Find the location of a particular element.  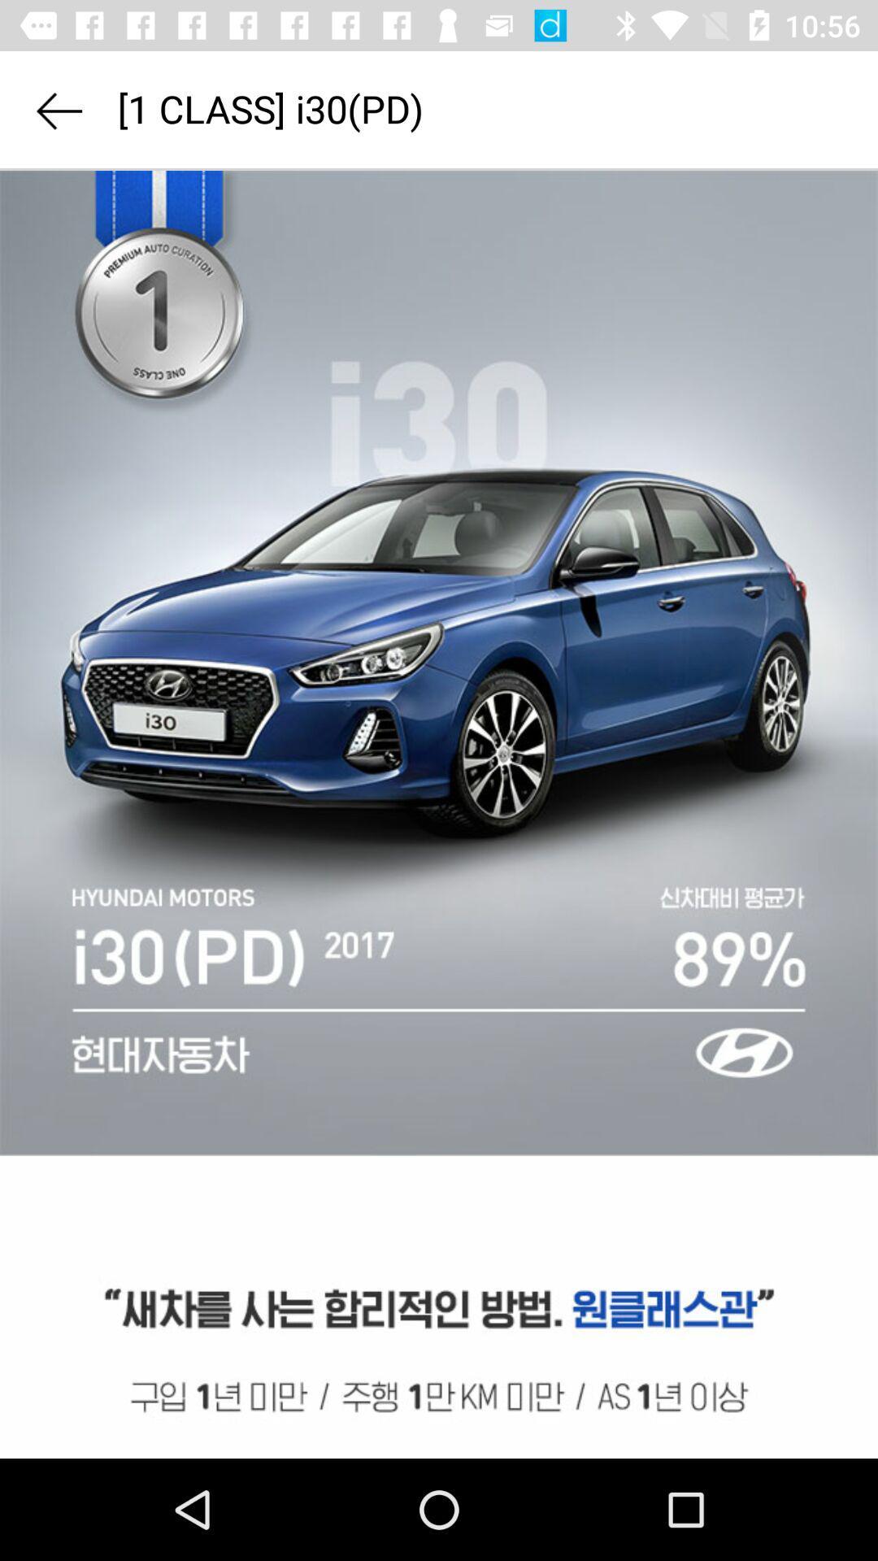

previous page is located at coordinates (58, 110).